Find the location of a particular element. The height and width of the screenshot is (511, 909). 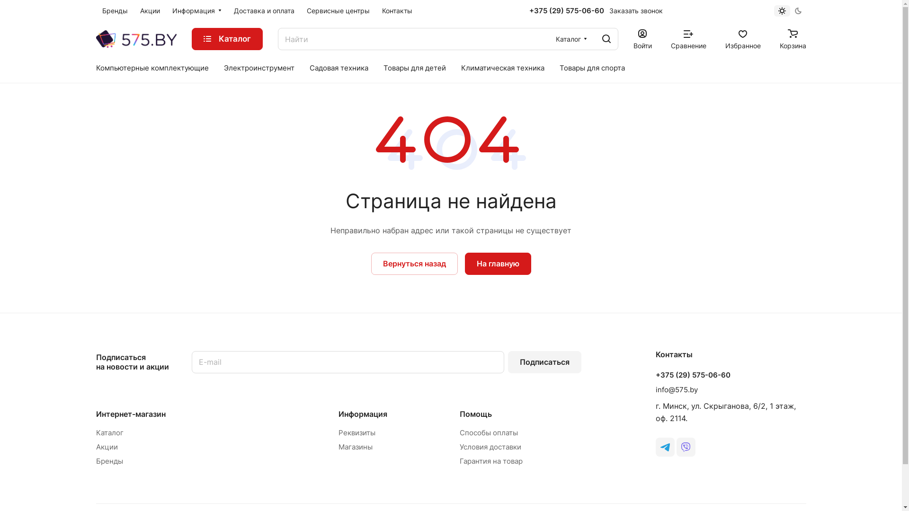

'info@575.by' is located at coordinates (676, 389).